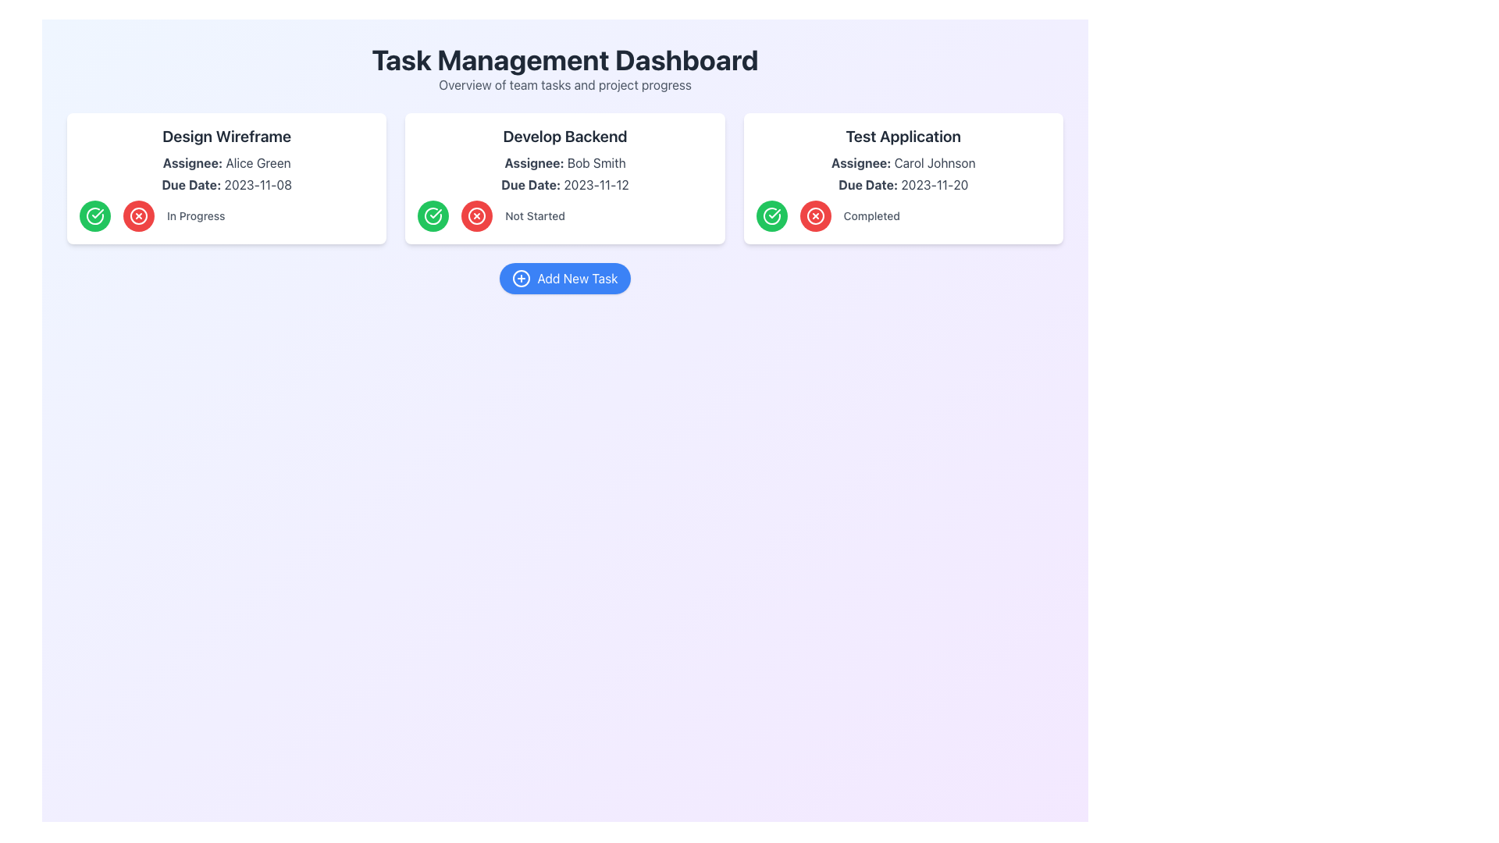  I want to click on the second circular button in the bottom-left corner of the 'Design Wireframe' card, so click(138, 216).